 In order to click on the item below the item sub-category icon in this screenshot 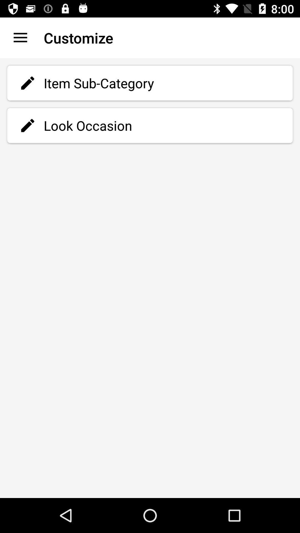, I will do `click(150, 125)`.